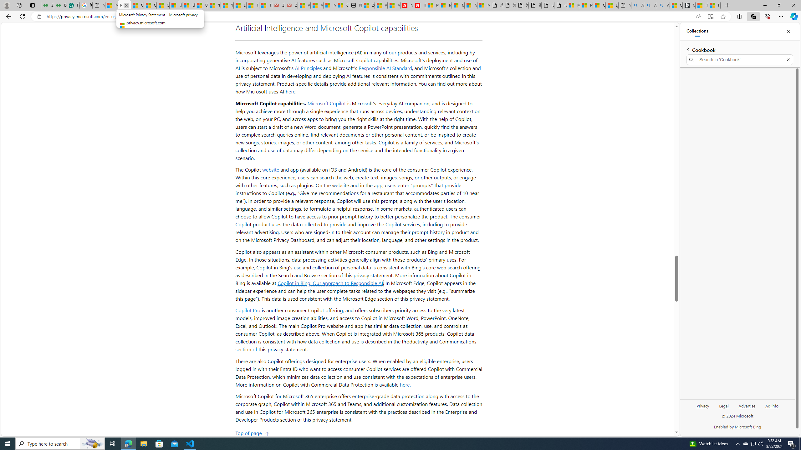 This screenshot has height=450, width=801. What do you see at coordinates (368, 5) in the screenshot?
I see `'20 Ways to Boost Your Protein Intake at Every Meal'` at bounding box center [368, 5].